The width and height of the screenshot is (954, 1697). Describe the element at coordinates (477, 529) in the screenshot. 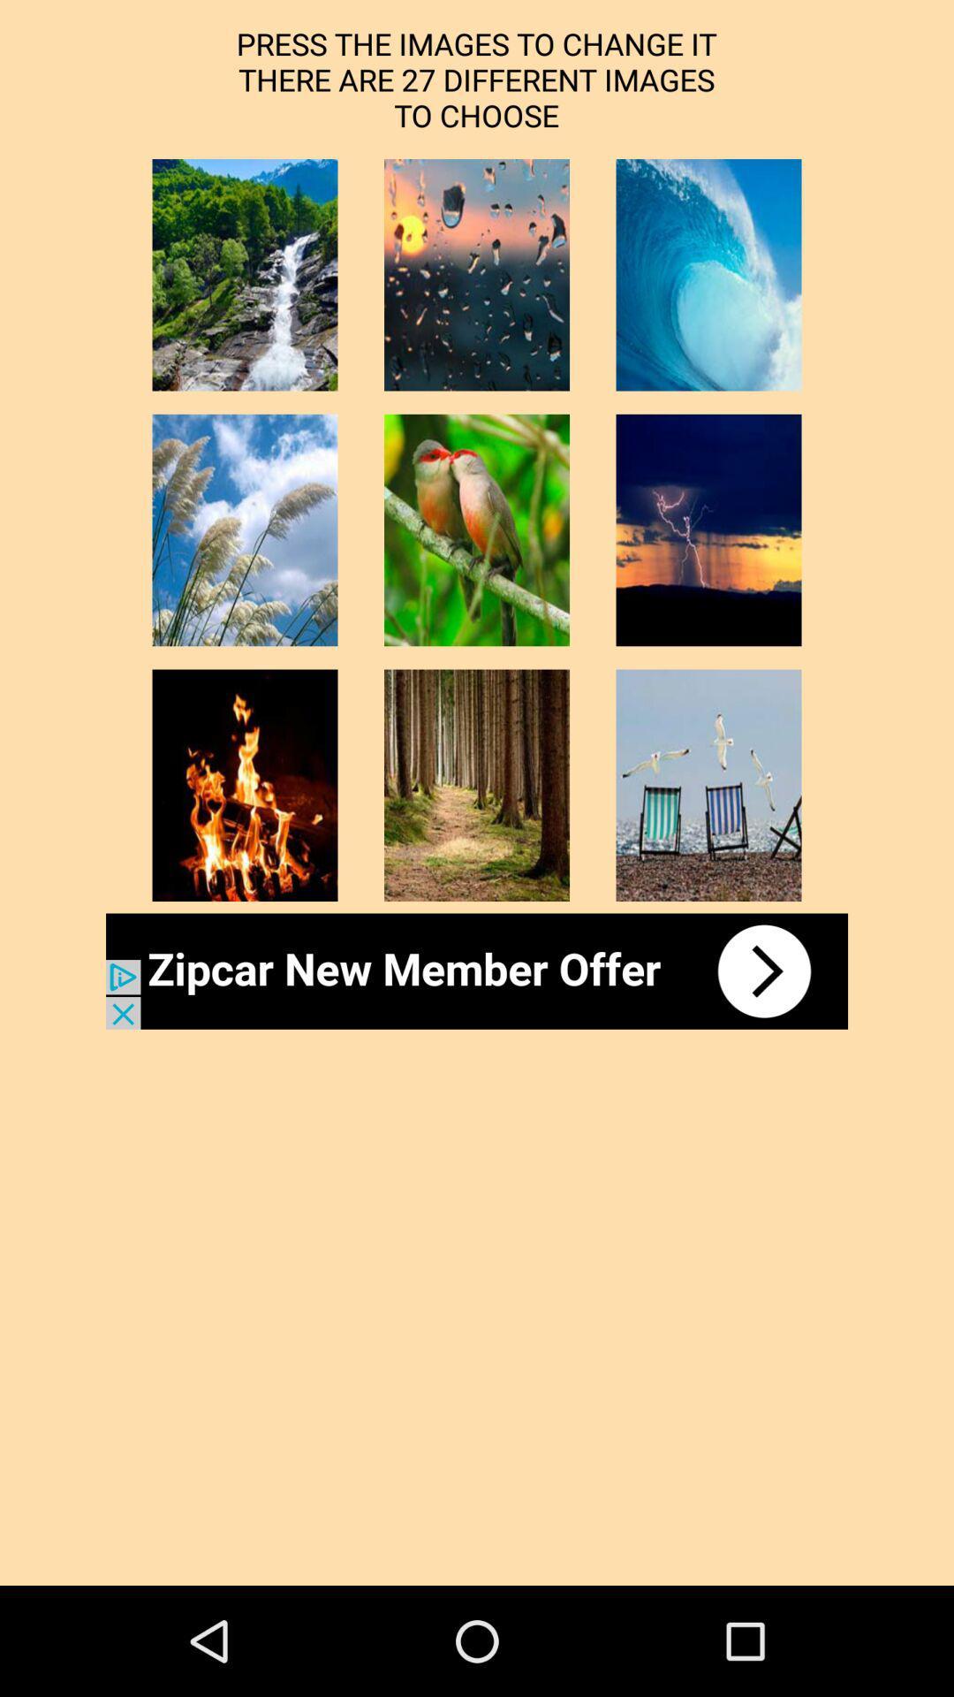

I see `this image` at that location.